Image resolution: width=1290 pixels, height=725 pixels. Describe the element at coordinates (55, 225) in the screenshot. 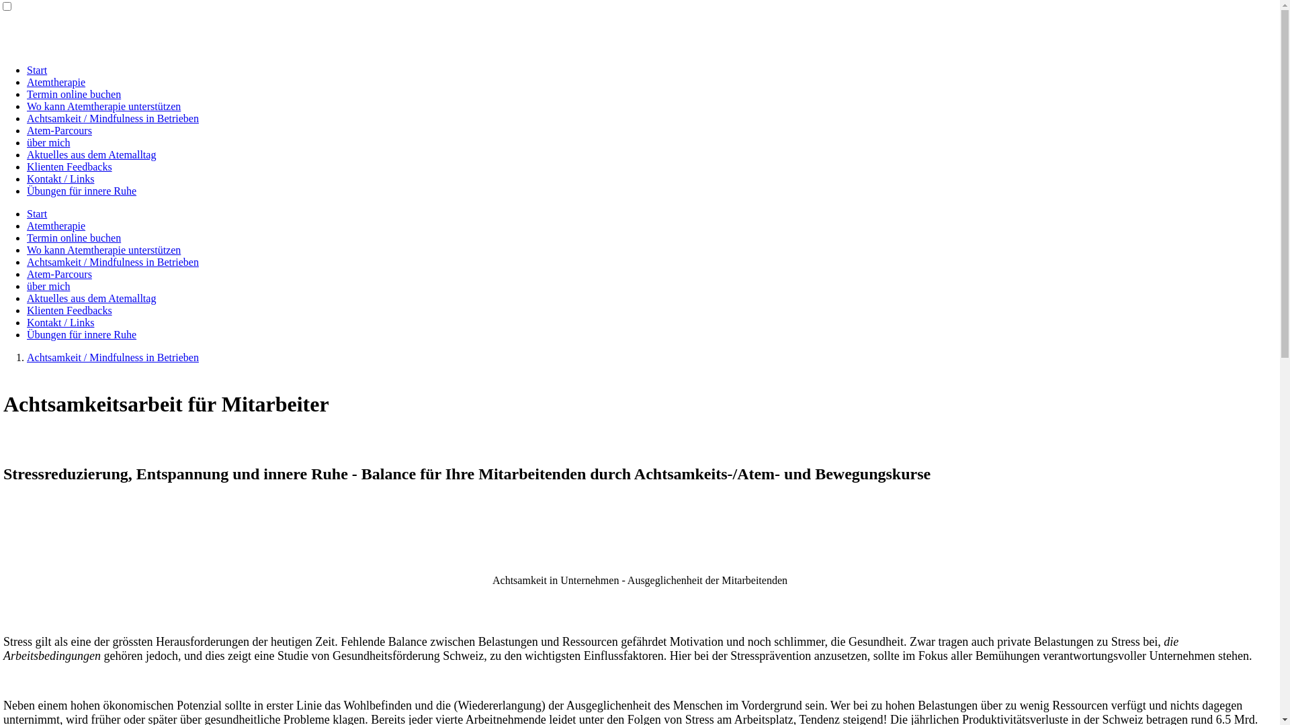

I see `'Atemtherapie'` at that location.